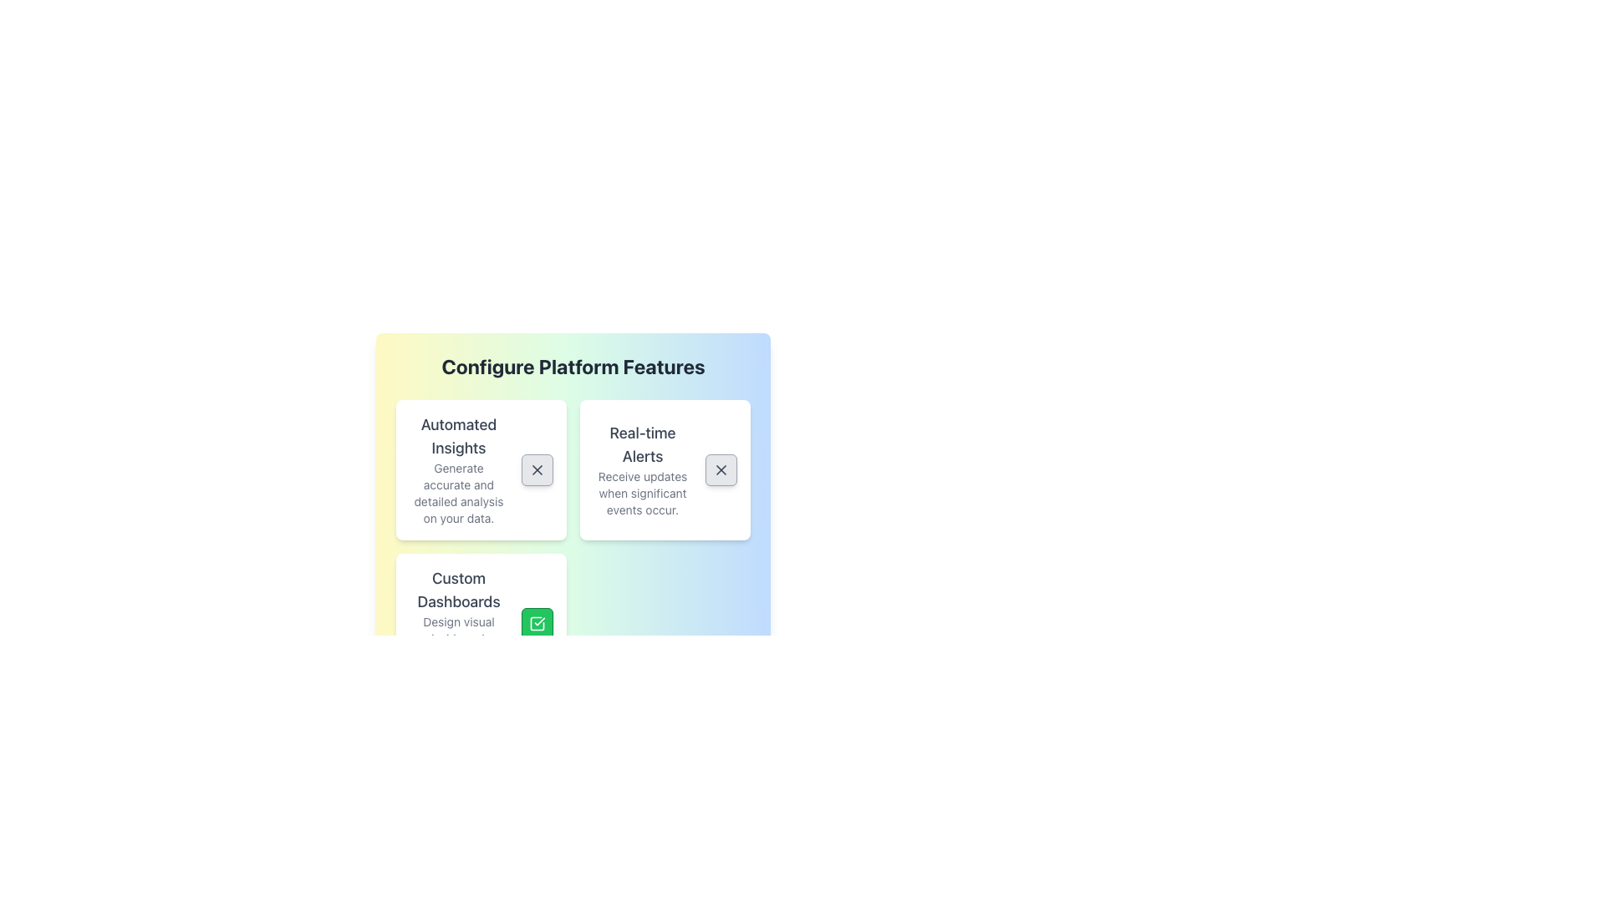 The width and height of the screenshot is (1605, 902). I want to click on the header text element located in the lower-left part of the card layout, which summarizes the functionality of the associated content, so click(458, 589).